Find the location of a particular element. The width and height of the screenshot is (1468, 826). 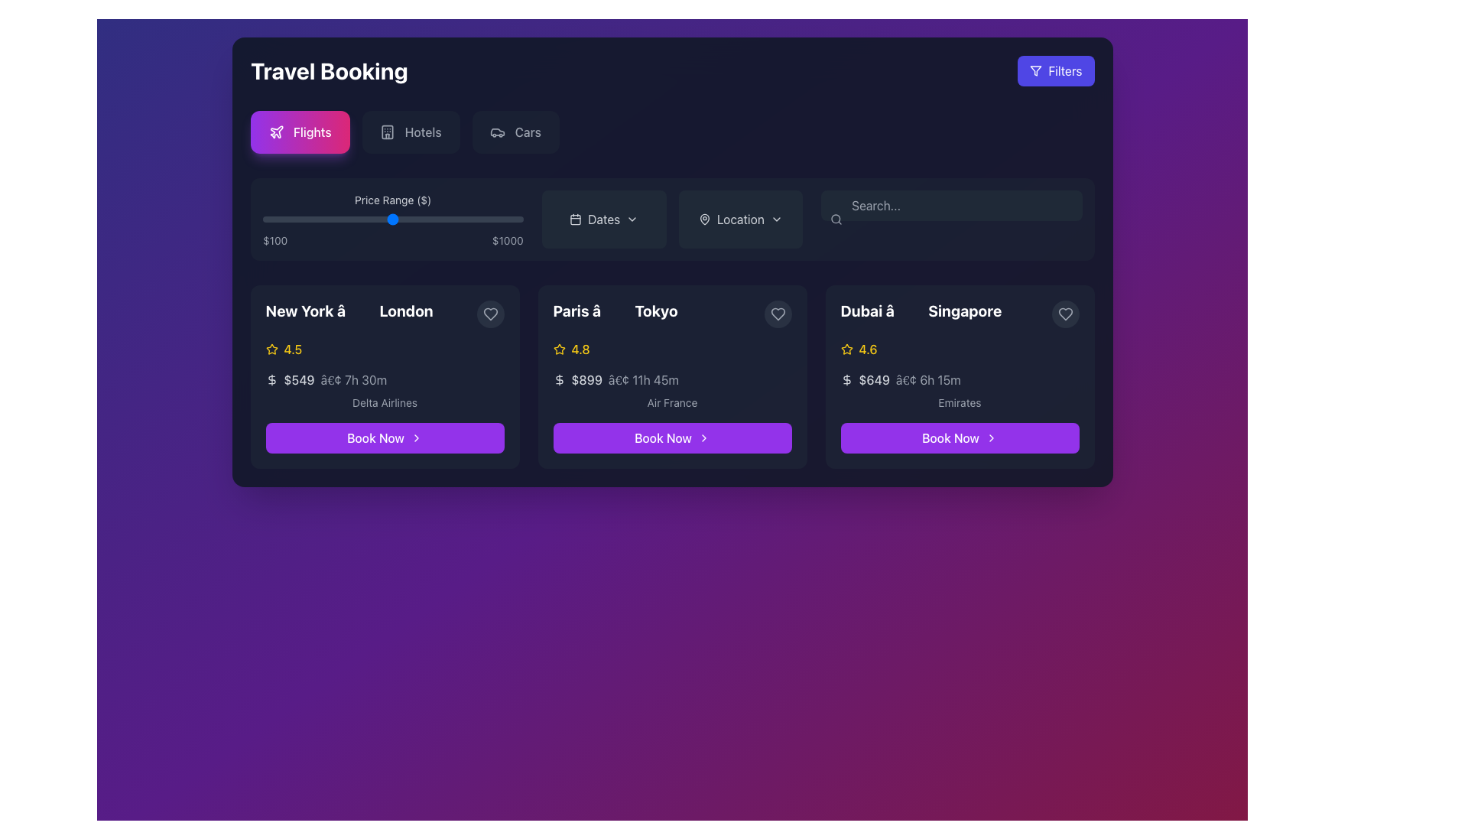

the 'Filters' button located in the top-right corner of the UI, which is styled with white font on a blue rounded rectangular background is located at coordinates (1064, 70).